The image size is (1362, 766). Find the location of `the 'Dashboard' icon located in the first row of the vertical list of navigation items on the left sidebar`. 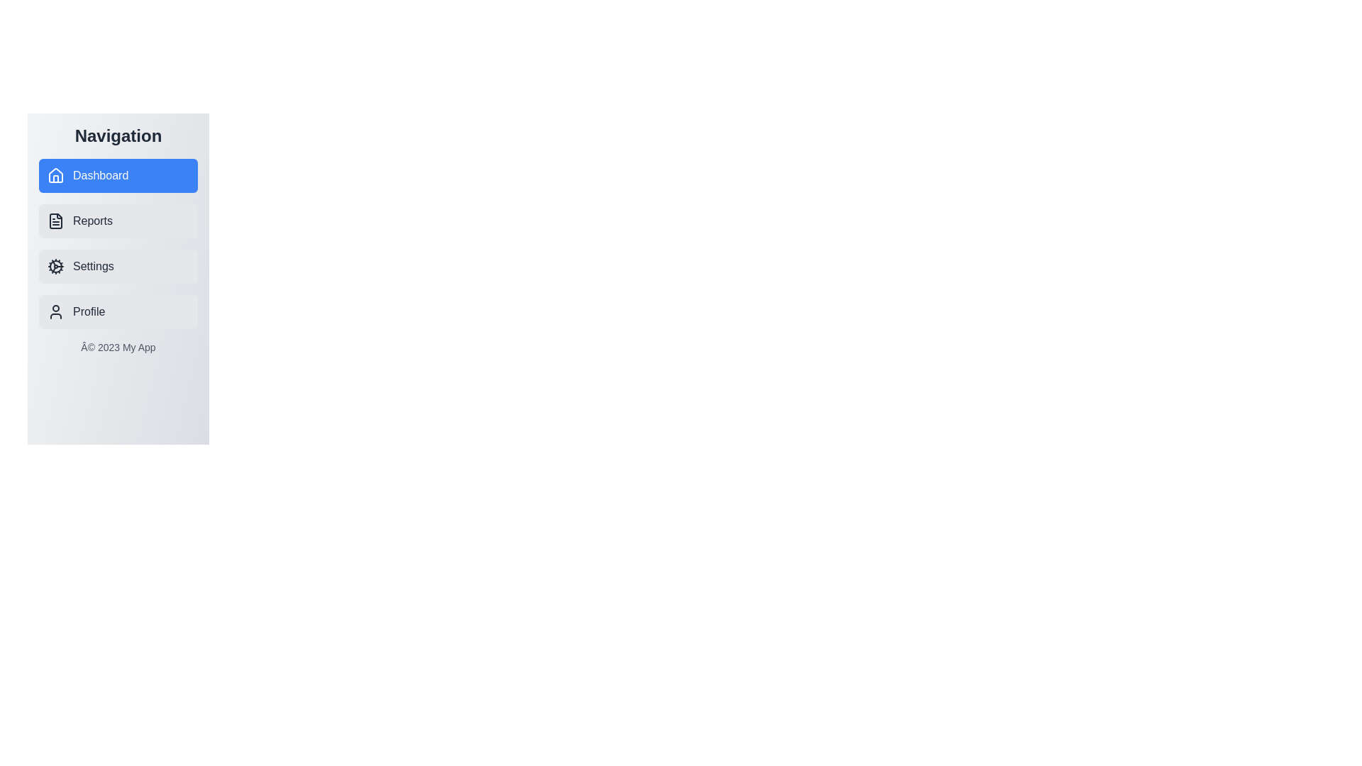

the 'Dashboard' icon located in the first row of the vertical list of navigation items on the left sidebar is located at coordinates (55, 174).